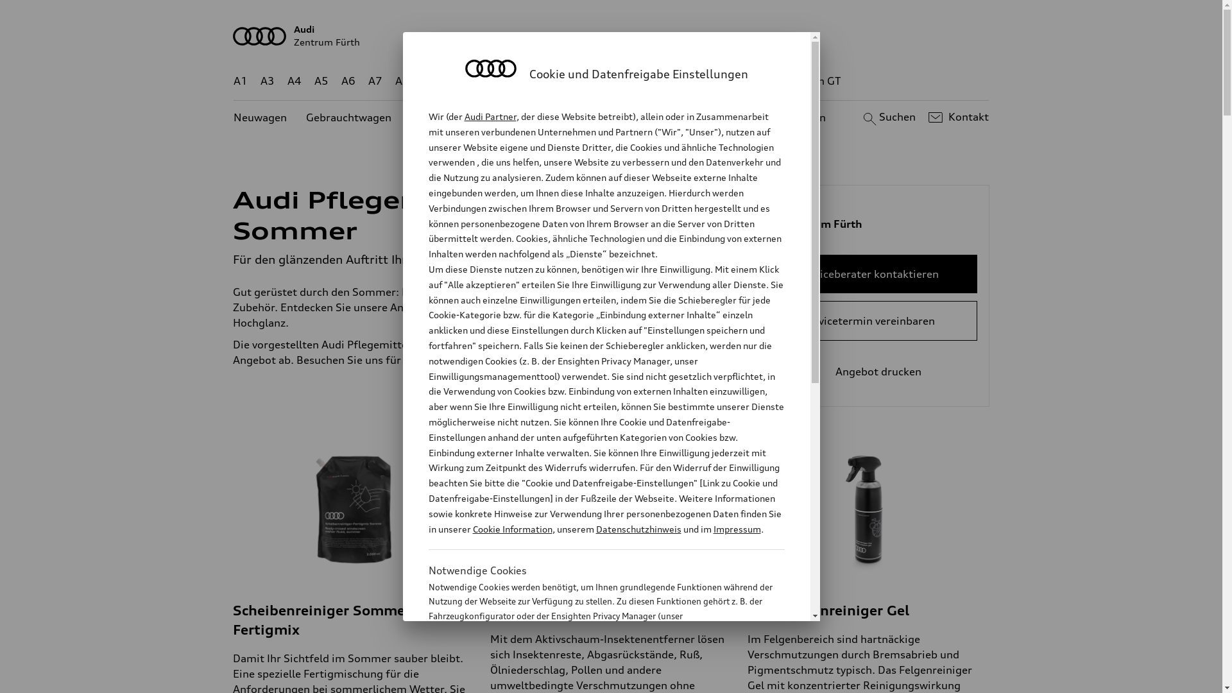  What do you see at coordinates (887, 117) in the screenshot?
I see `'Suchen'` at bounding box center [887, 117].